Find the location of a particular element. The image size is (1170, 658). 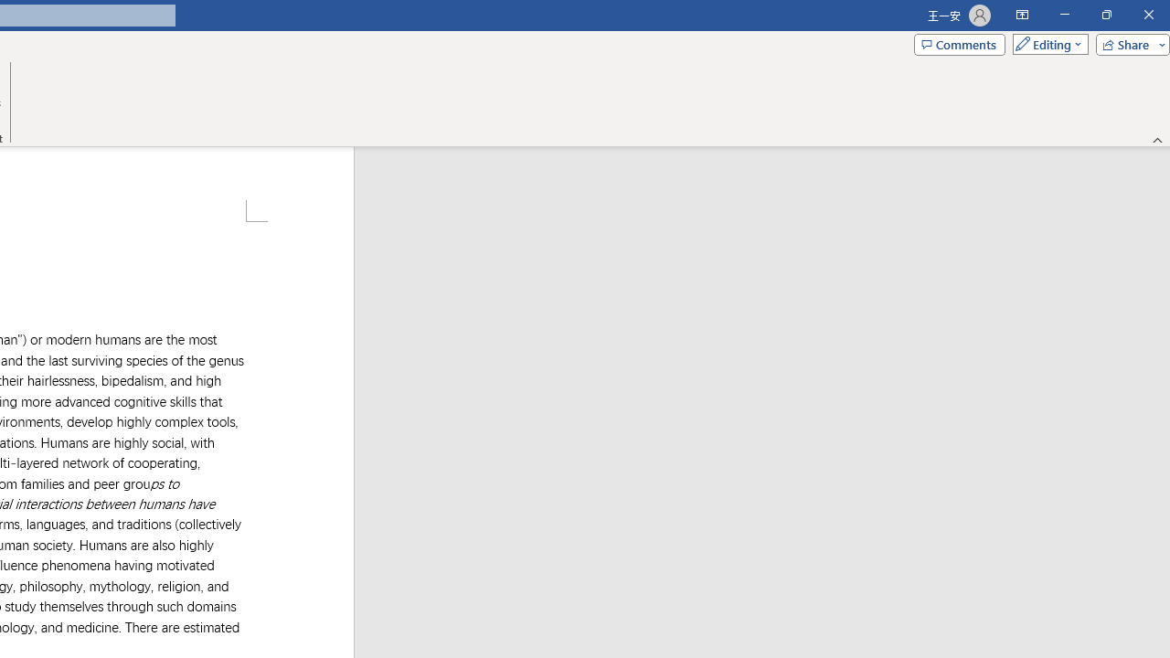

'Restore Down' is located at coordinates (1105, 15).